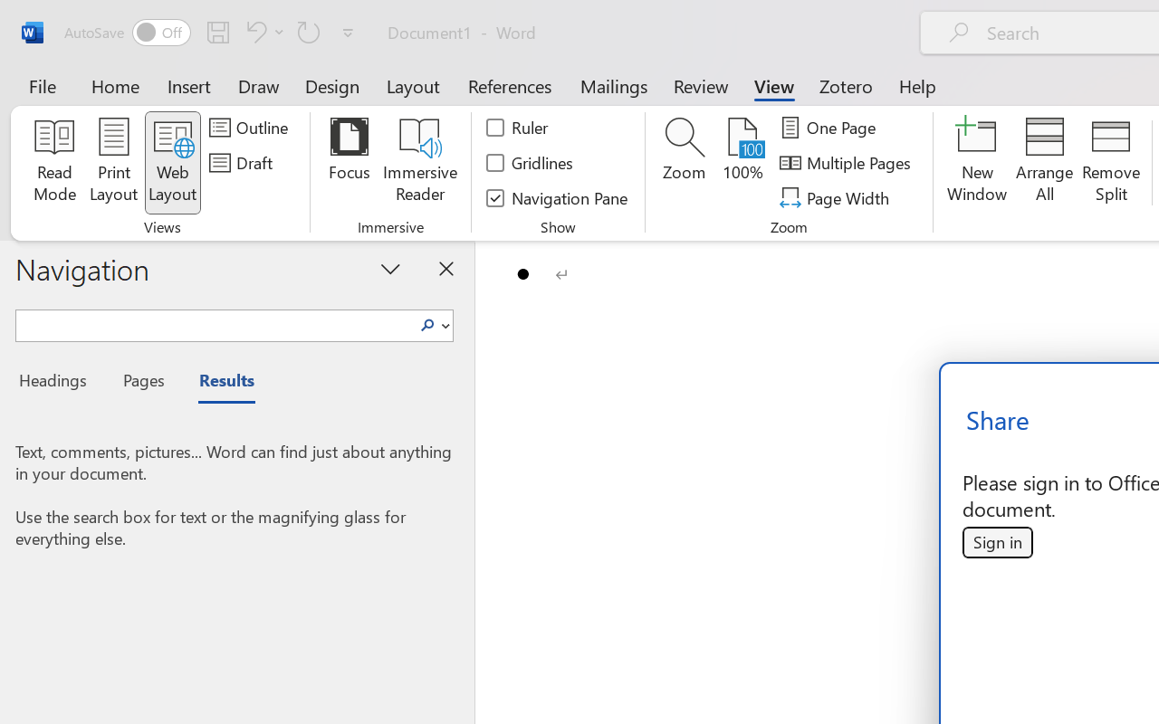 The image size is (1159, 724). Describe the element at coordinates (836, 197) in the screenshot. I see `'Page Width'` at that location.